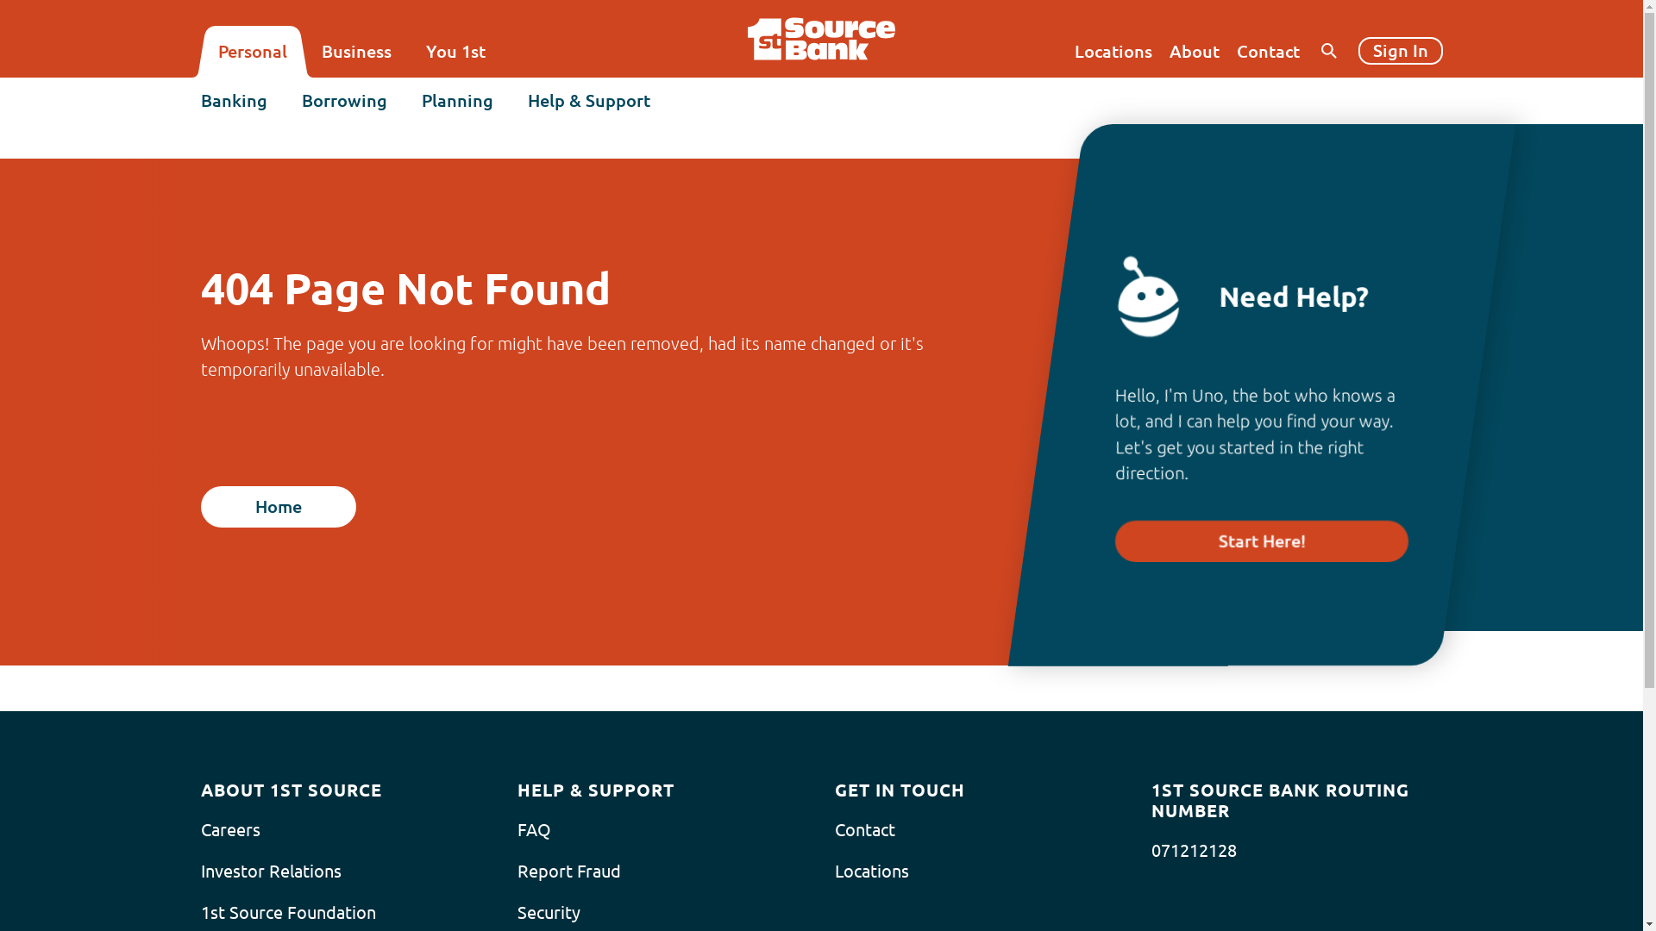  What do you see at coordinates (1113, 51) in the screenshot?
I see `'Locations'` at bounding box center [1113, 51].